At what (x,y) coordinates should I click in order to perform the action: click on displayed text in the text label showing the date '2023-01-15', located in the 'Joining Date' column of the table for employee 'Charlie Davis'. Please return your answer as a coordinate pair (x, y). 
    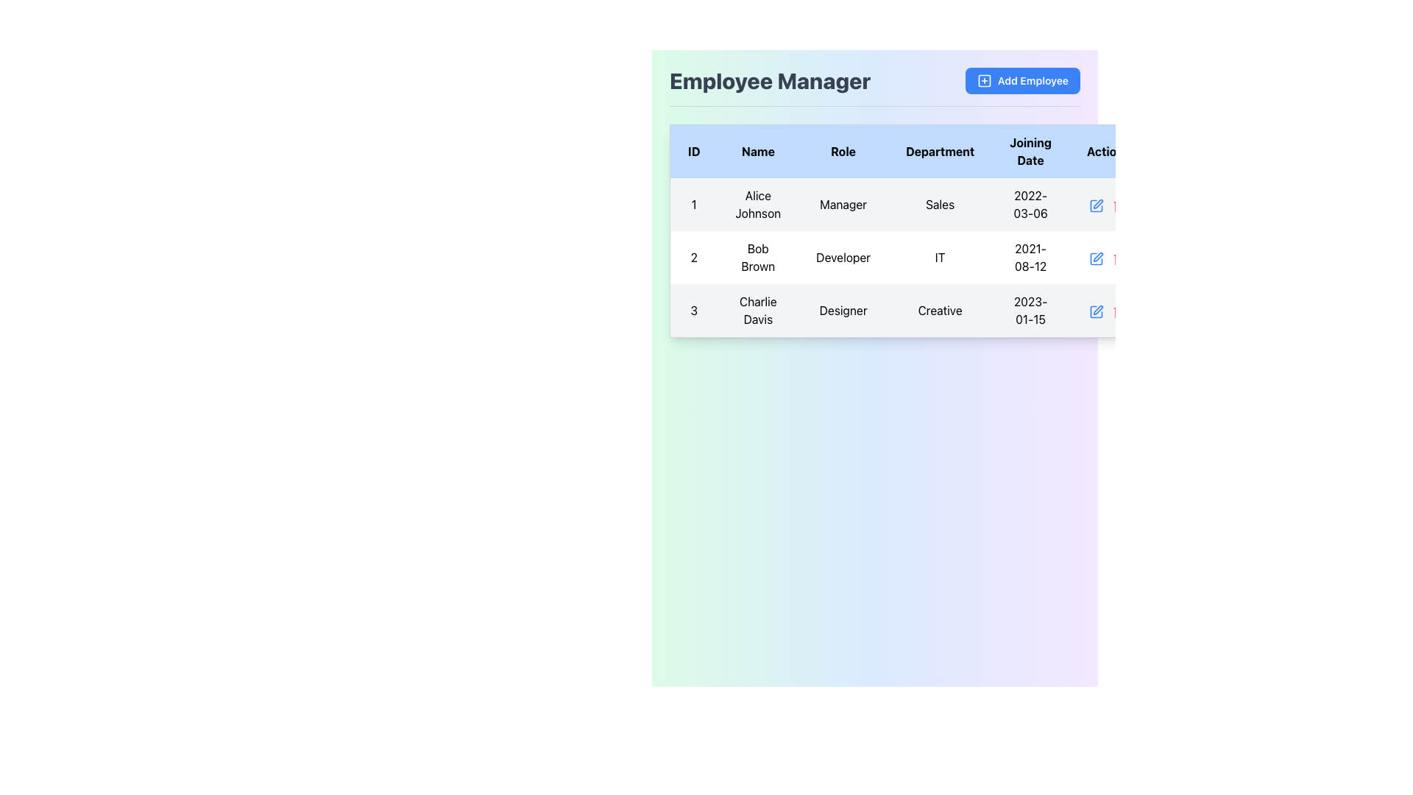
    Looking at the image, I should click on (1030, 310).